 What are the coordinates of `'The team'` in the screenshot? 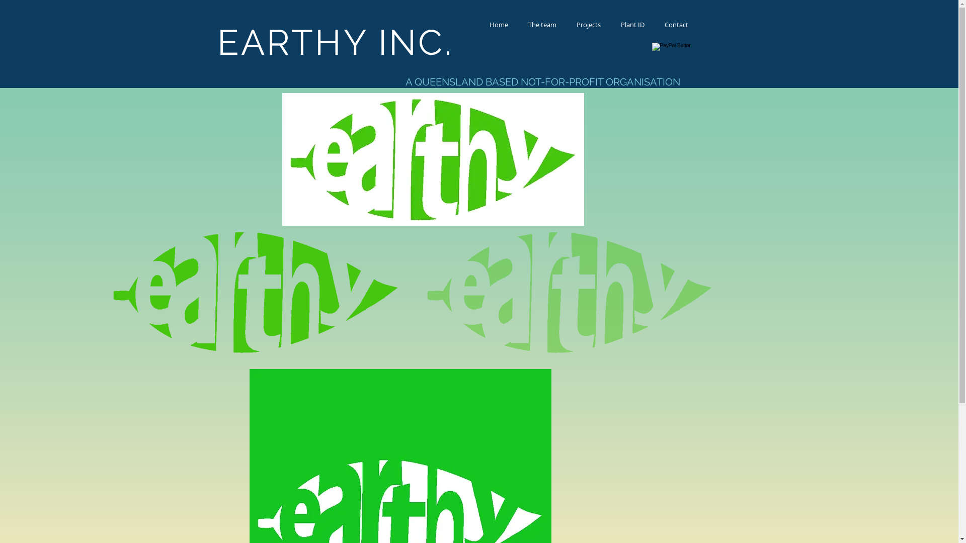 It's located at (542, 24).